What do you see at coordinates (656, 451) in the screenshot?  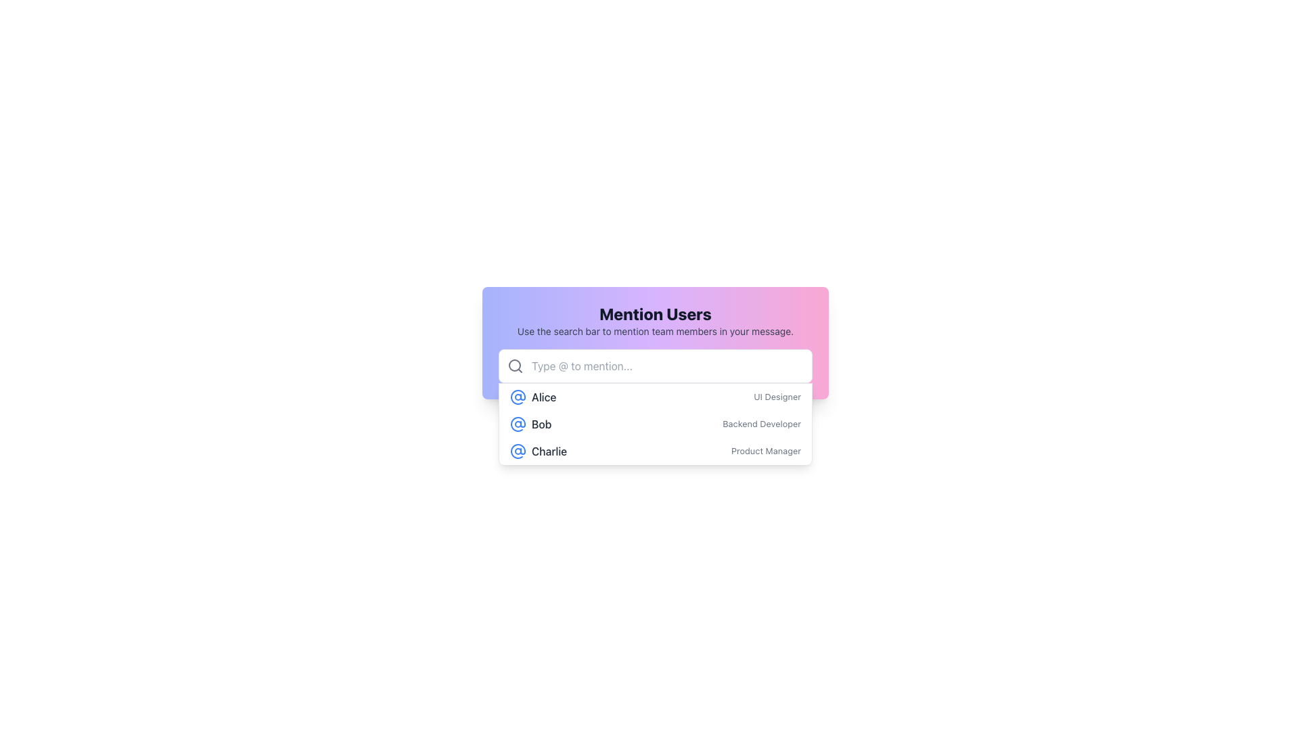 I see `the third item in the dropdown list representing 'Charlie', the Product Manager` at bounding box center [656, 451].